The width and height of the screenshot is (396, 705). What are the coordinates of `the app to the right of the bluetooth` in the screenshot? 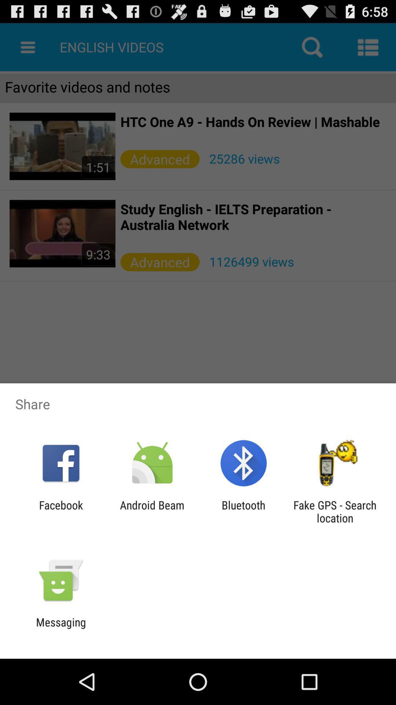 It's located at (335, 511).